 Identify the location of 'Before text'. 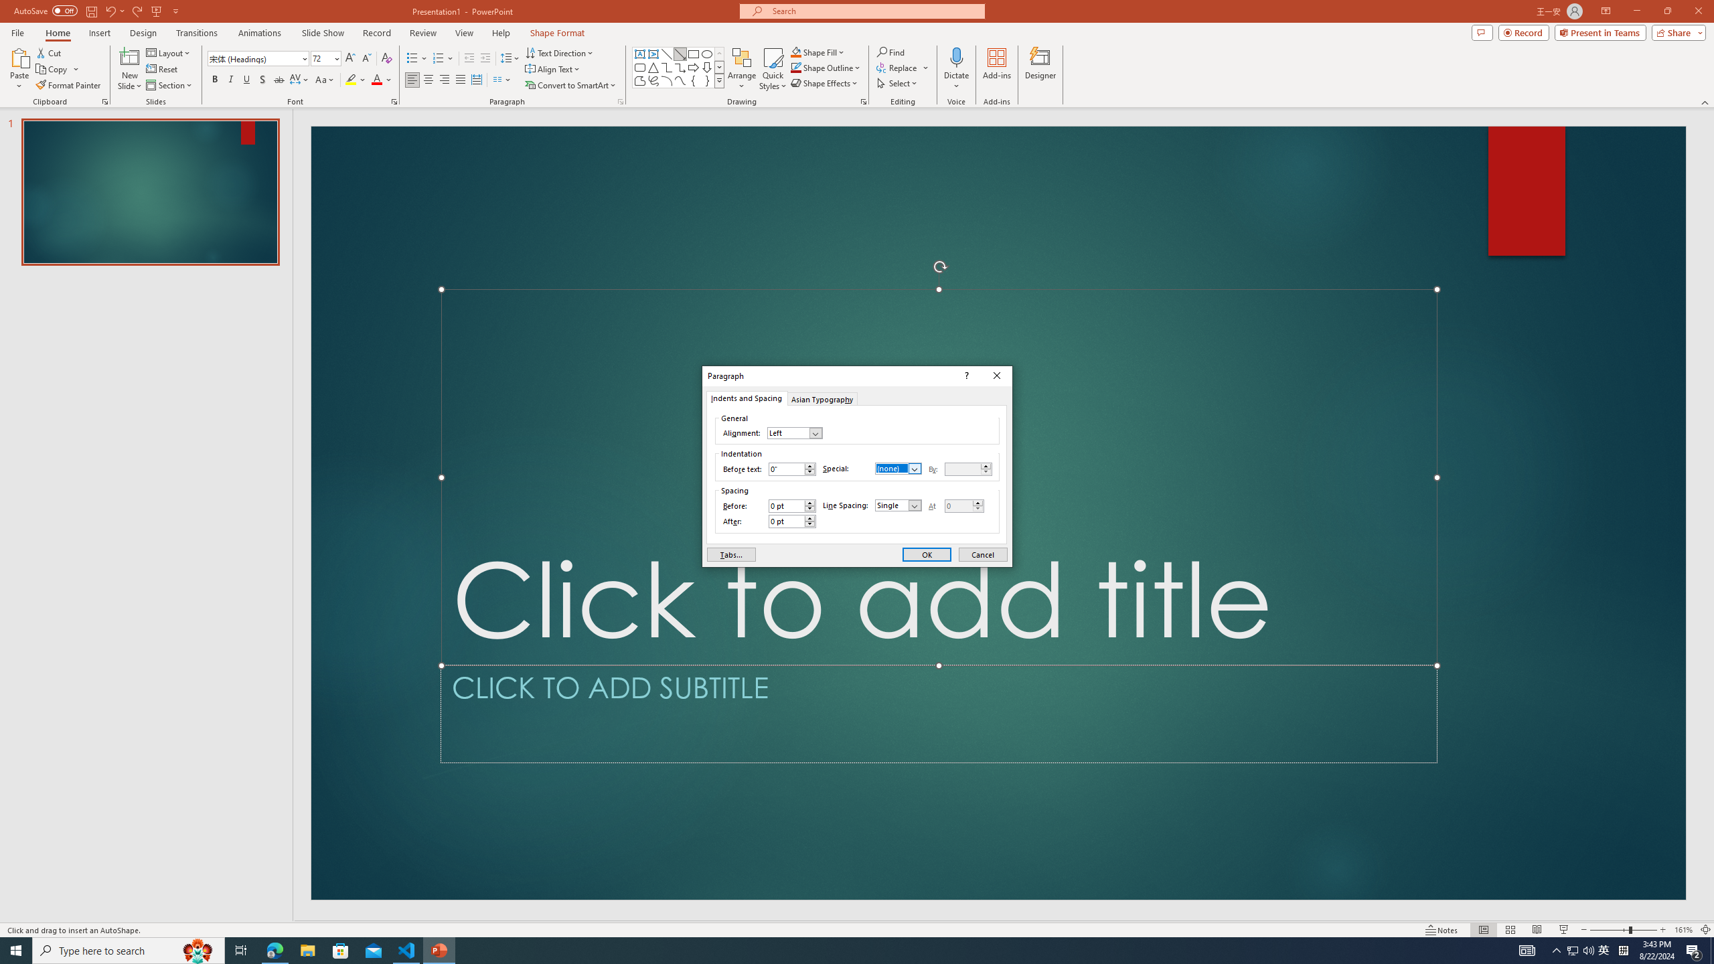
(791, 469).